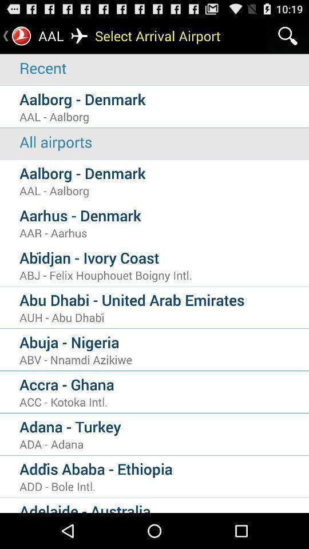  Describe the element at coordinates (287, 35) in the screenshot. I see `item next to the select arrival airport item` at that location.